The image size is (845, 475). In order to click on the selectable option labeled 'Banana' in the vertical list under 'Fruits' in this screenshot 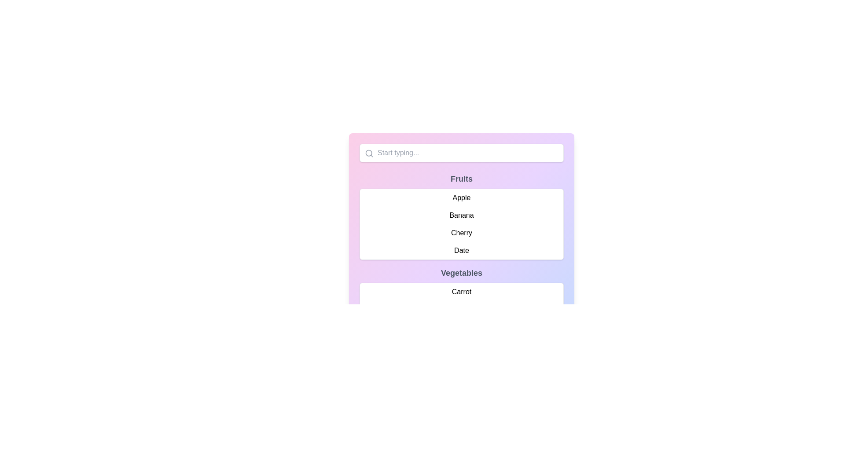, I will do `click(461, 215)`.